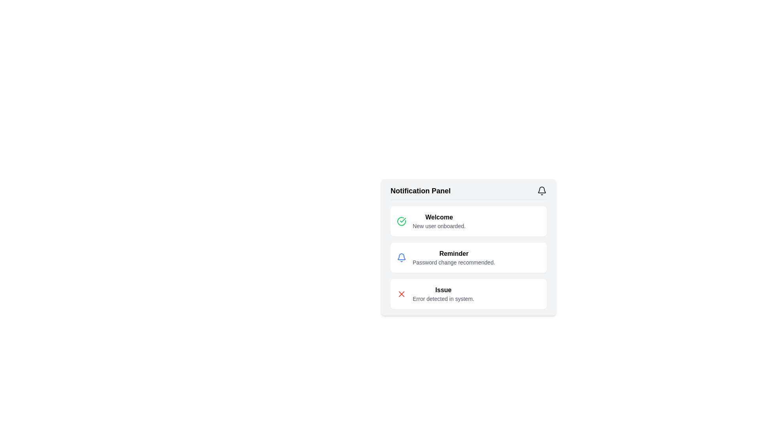  I want to click on the welcome message notification area located in the first row of notification cards, positioned below the check mark icon, so click(438, 221).